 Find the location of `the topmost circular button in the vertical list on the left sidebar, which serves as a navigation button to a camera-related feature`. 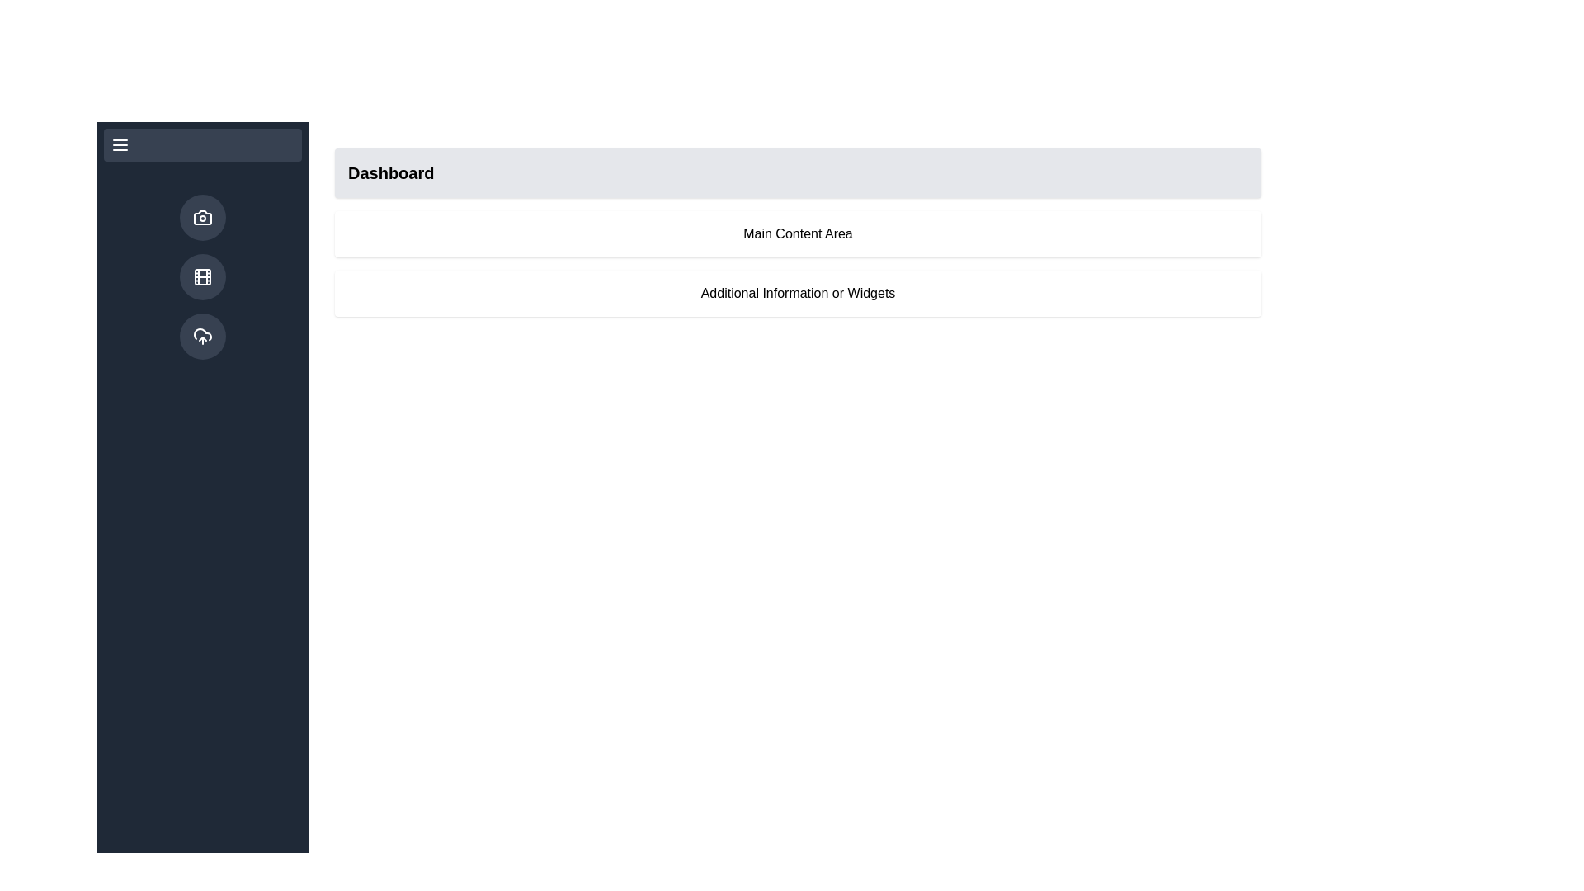

the topmost circular button in the vertical list on the left sidebar, which serves as a navigation button to a camera-related feature is located at coordinates (201, 216).